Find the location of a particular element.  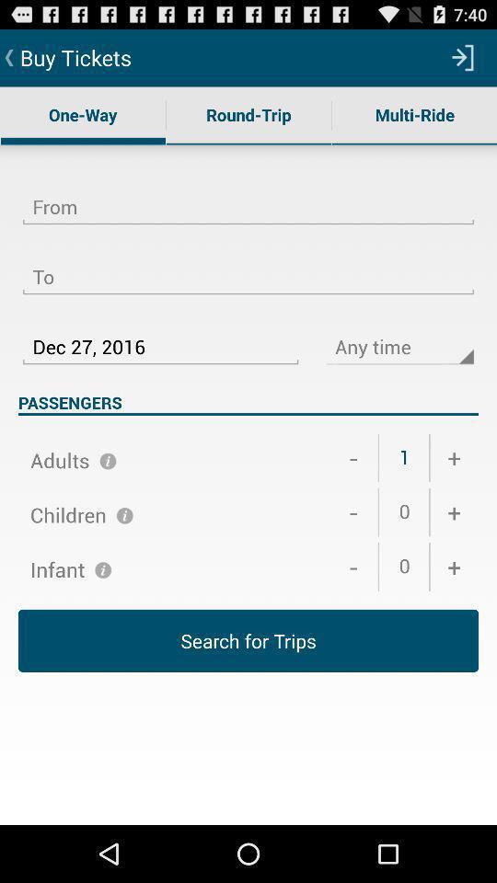

the item below the passengers icon is located at coordinates (353, 457).